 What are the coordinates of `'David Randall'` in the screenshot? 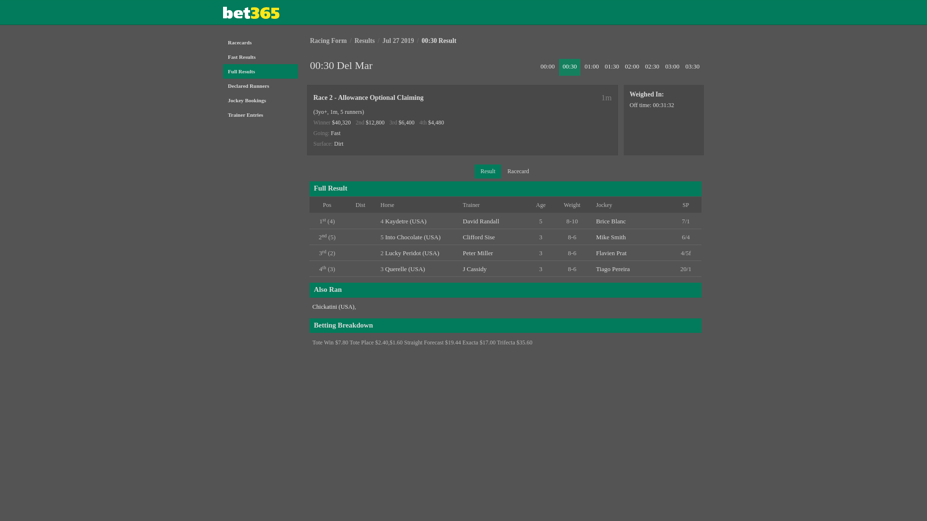 It's located at (463, 221).